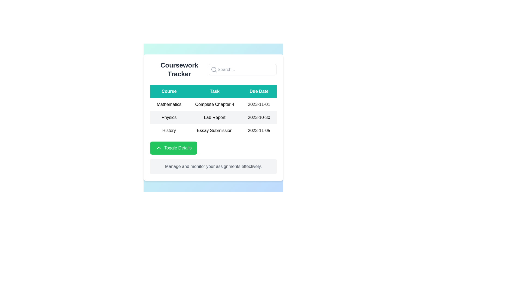 This screenshot has width=523, height=294. Describe the element at coordinates (213, 166) in the screenshot. I see `the informational text block located below the 'Toggle Details' button, which serves as a static informational block providing guidance to the user` at that location.